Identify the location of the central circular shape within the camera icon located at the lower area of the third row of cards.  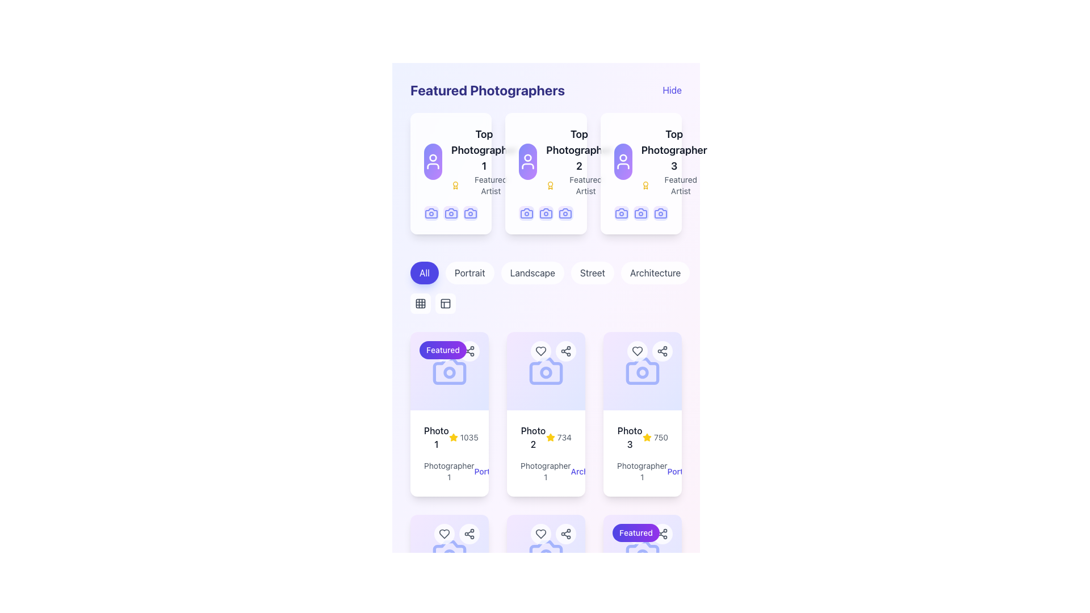
(546, 555).